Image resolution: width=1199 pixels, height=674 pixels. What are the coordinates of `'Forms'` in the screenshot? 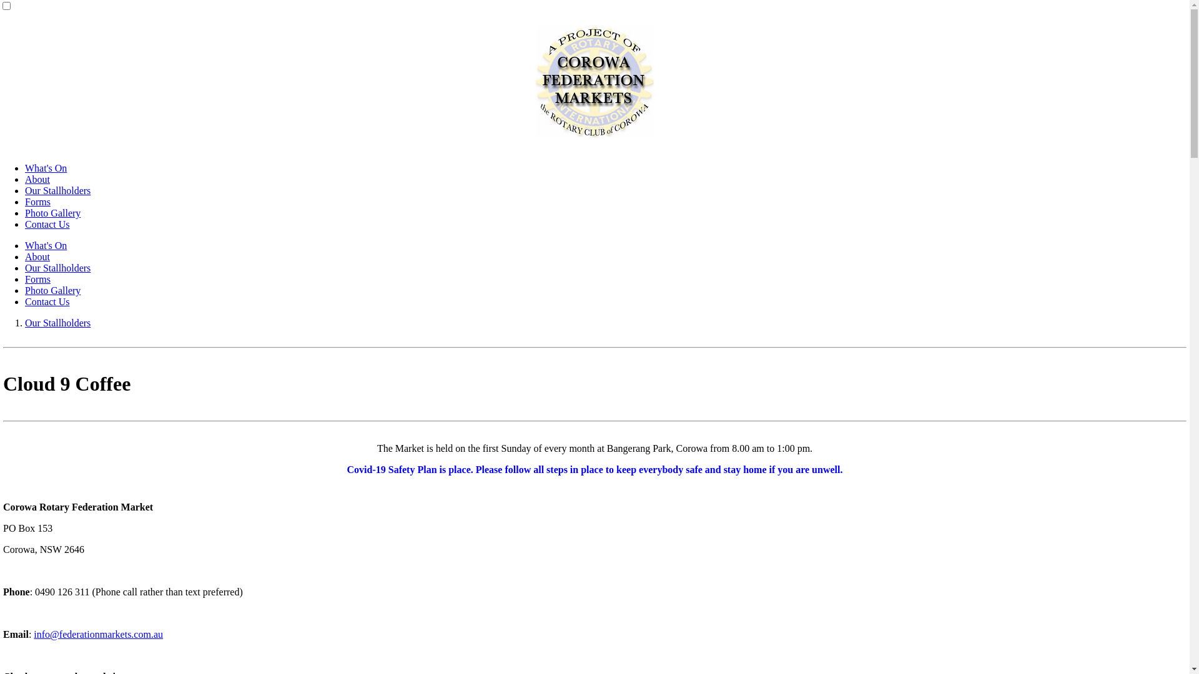 It's located at (37, 201).